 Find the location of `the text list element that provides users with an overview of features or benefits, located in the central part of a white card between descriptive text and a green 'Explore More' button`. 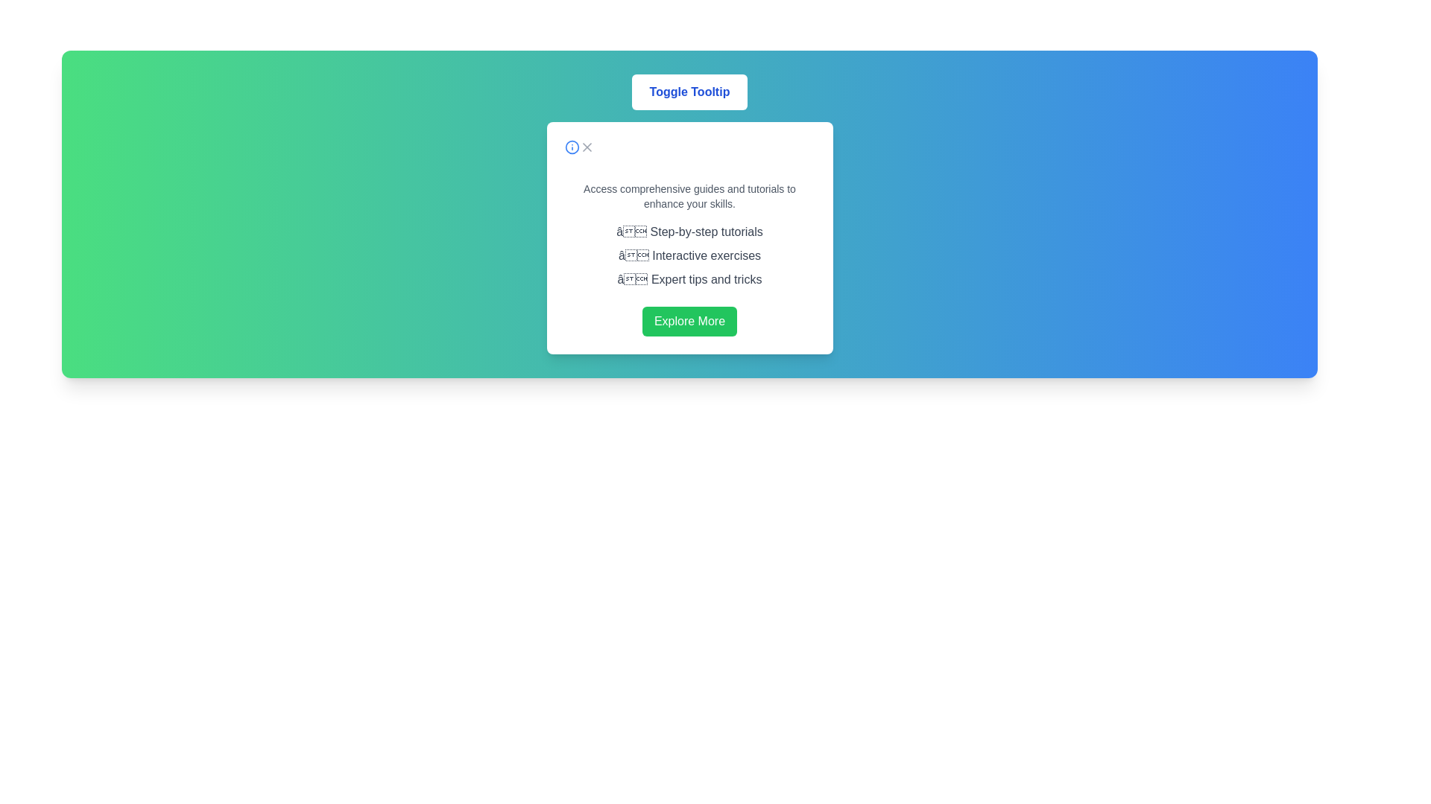

the text list element that provides users with an overview of features or benefits, located in the central part of a white card between descriptive text and a green 'Explore More' button is located at coordinates (689, 255).